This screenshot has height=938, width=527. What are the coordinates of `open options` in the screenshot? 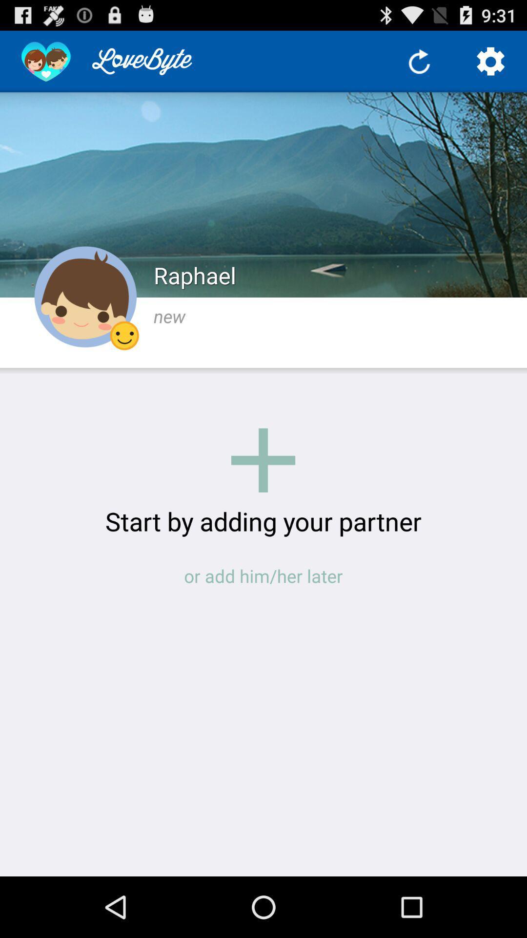 It's located at (491, 61).